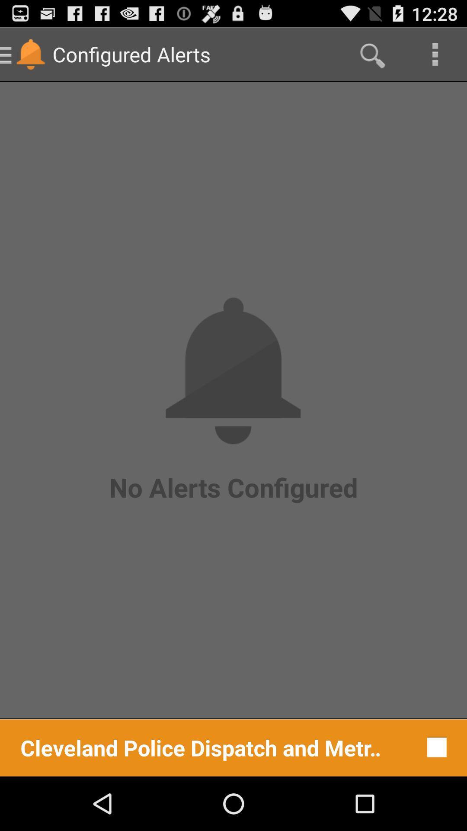  Describe the element at coordinates (201, 747) in the screenshot. I see `icon at the bottom` at that location.